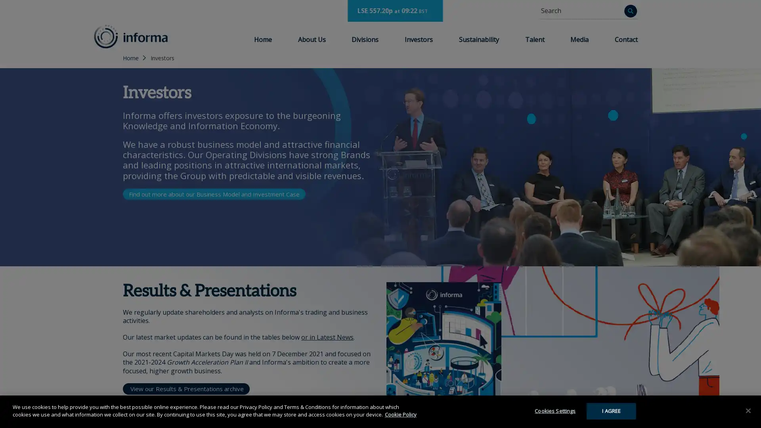 The height and width of the screenshot is (428, 761). Describe the element at coordinates (630, 11) in the screenshot. I see `Search` at that location.